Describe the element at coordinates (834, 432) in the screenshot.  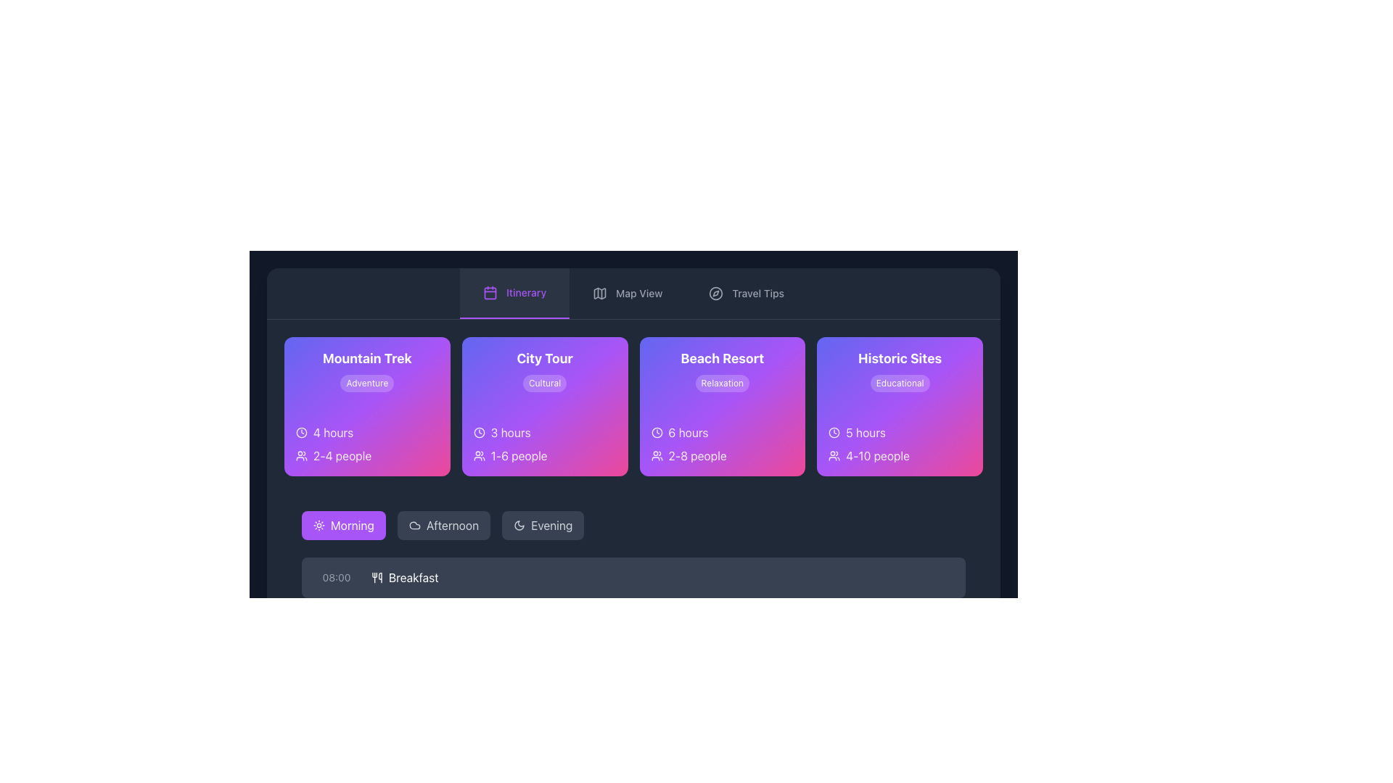
I see `the graphical representation of the circular outline within the clock icon on the 'Historic Sites' card` at that location.